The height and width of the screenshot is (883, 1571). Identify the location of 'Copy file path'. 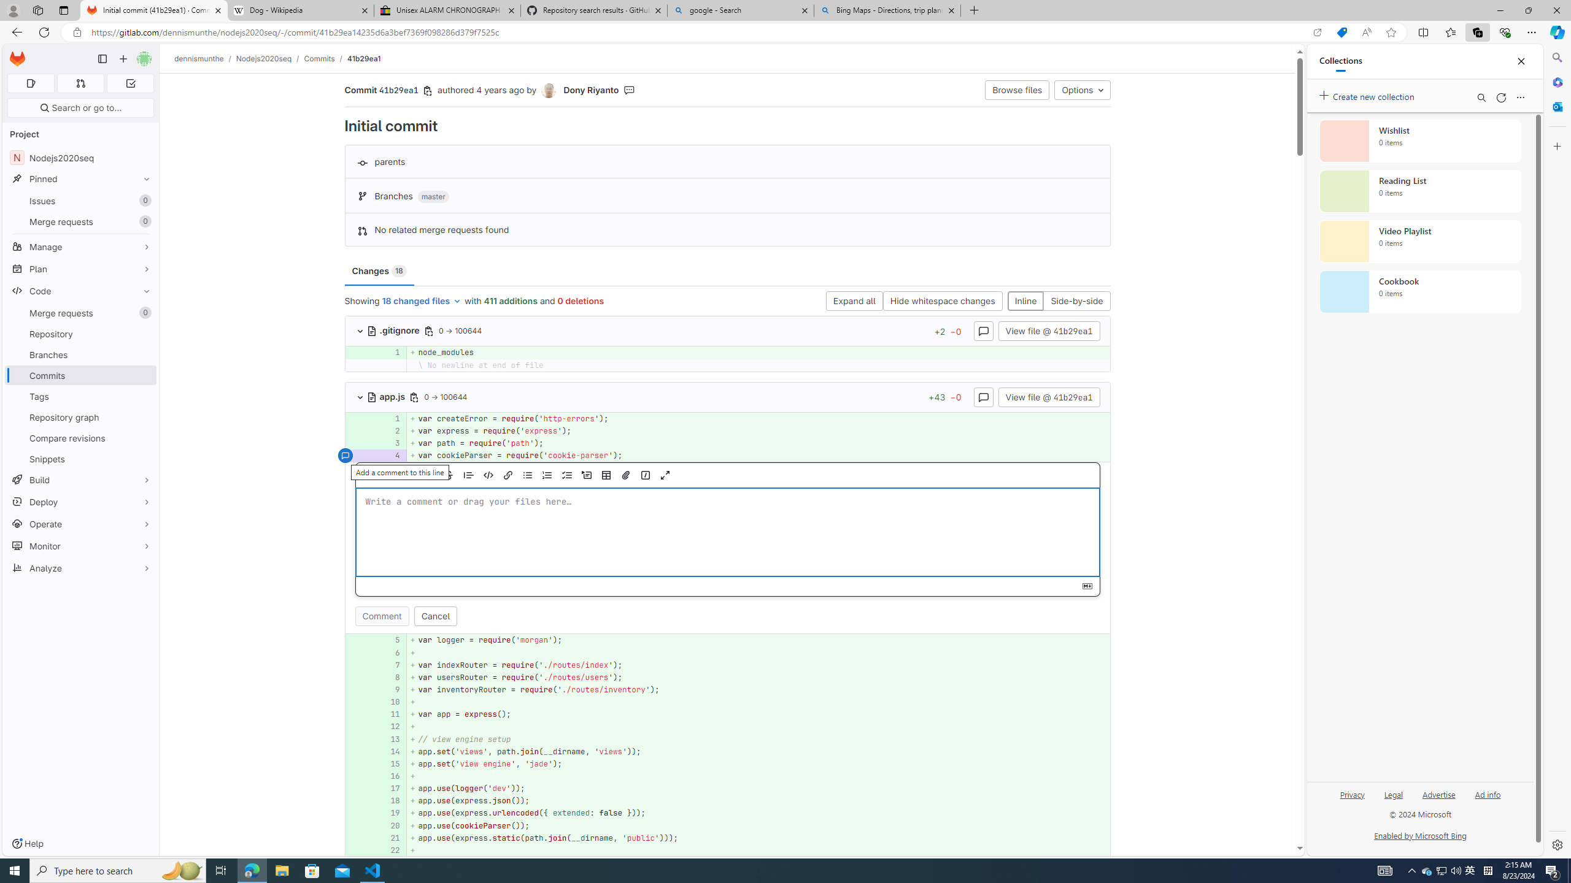
(414, 397).